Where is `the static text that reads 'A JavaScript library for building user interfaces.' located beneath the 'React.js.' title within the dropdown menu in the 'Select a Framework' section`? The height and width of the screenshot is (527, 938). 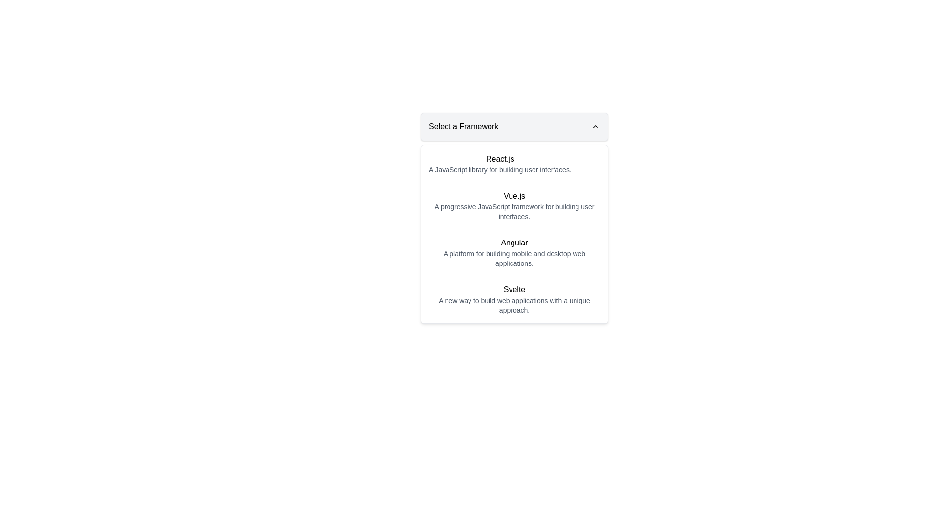 the static text that reads 'A JavaScript library for building user interfaces.' located beneath the 'React.js.' title within the dropdown menu in the 'Select a Framework' section is located at coordinates (500, 169).